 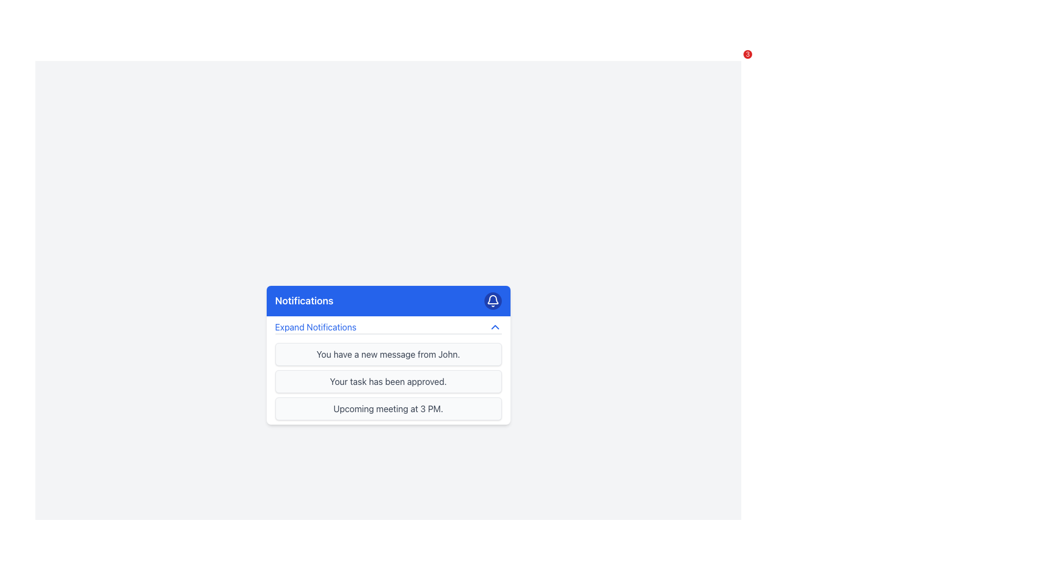 What do you see at coordinates (304, 301) in the screenshot?
I see `the 'Notifications' text label, which is styled with a bold font and white color on a blue background, located in the notification section header` at bounding box center [304, 301].